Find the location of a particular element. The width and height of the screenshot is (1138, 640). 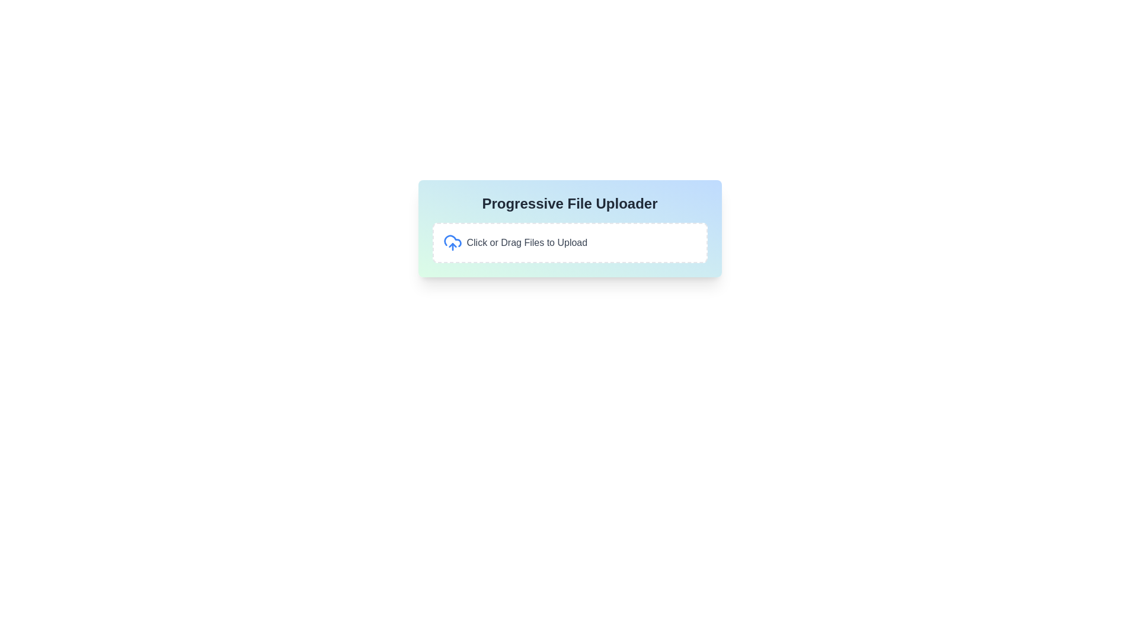

the static text label displaying 'Progressive File Uploader', which is styled with a bold font and dark gray color, located at the top section of a card-like interface is located at coordinates (570, 203).